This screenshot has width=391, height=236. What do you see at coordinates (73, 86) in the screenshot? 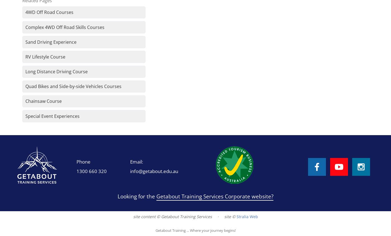
I see `'Quad Bikes and Side-by-side Vehicles Courses'` at bounding box center [73, 86].